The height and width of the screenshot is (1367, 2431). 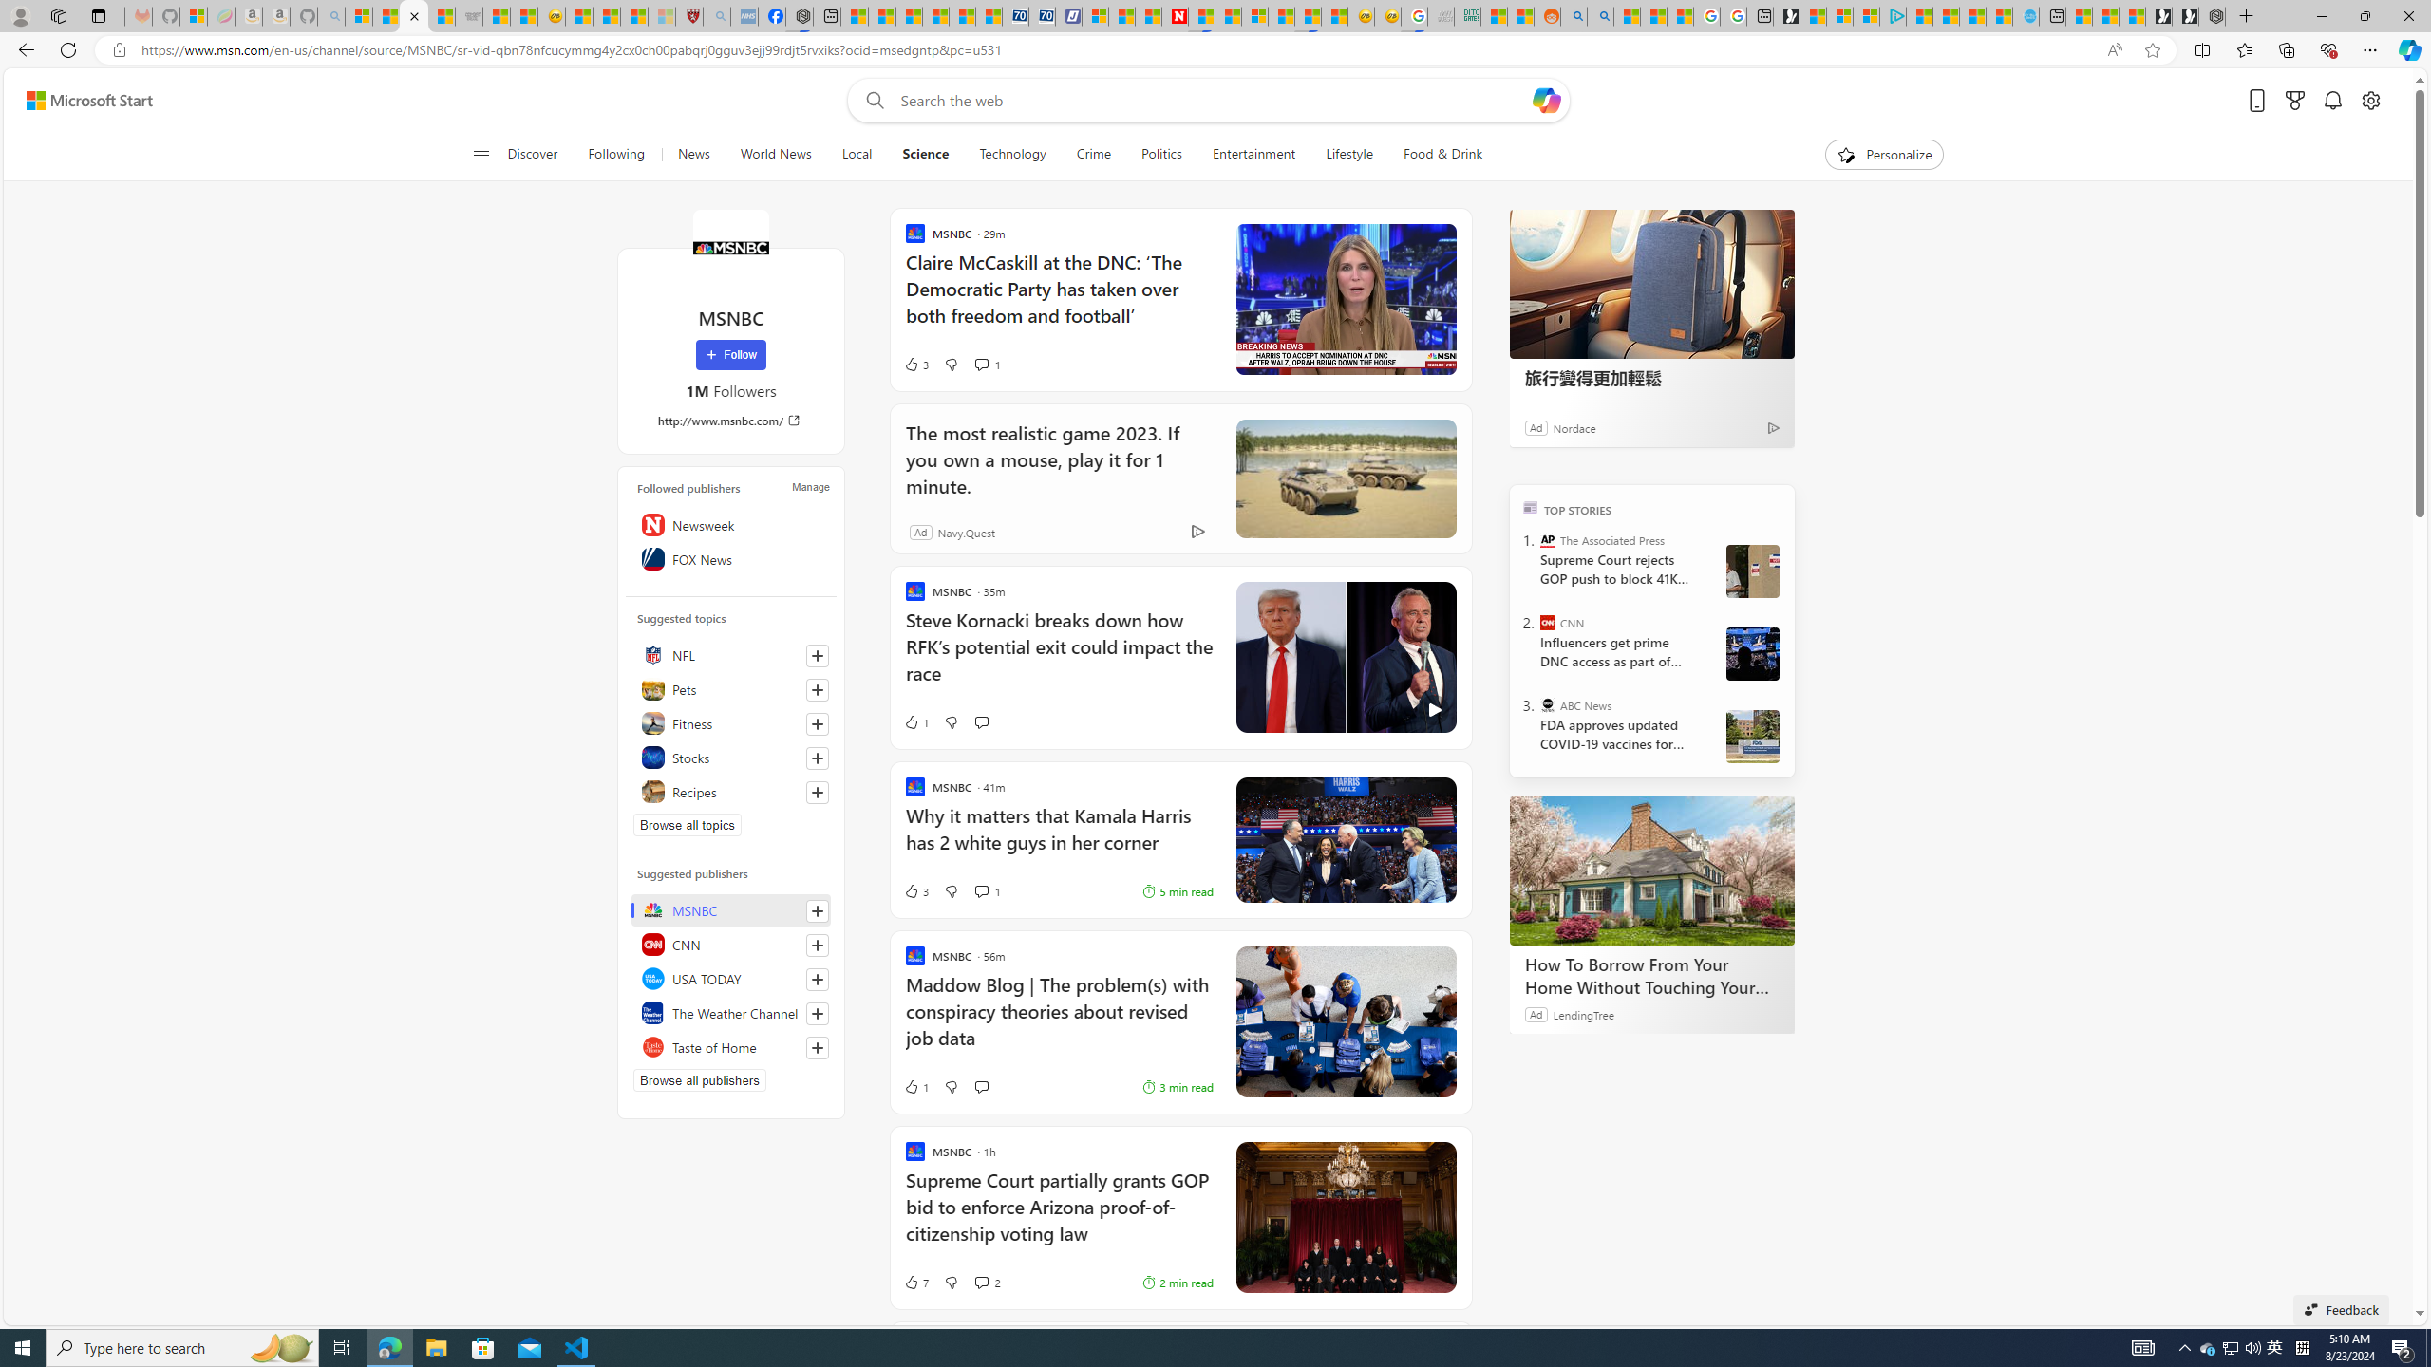 What do you see at coordinates (687, 825) in the screenshot?
I see `'Browse all topics'` at bounding box center [687, 825].